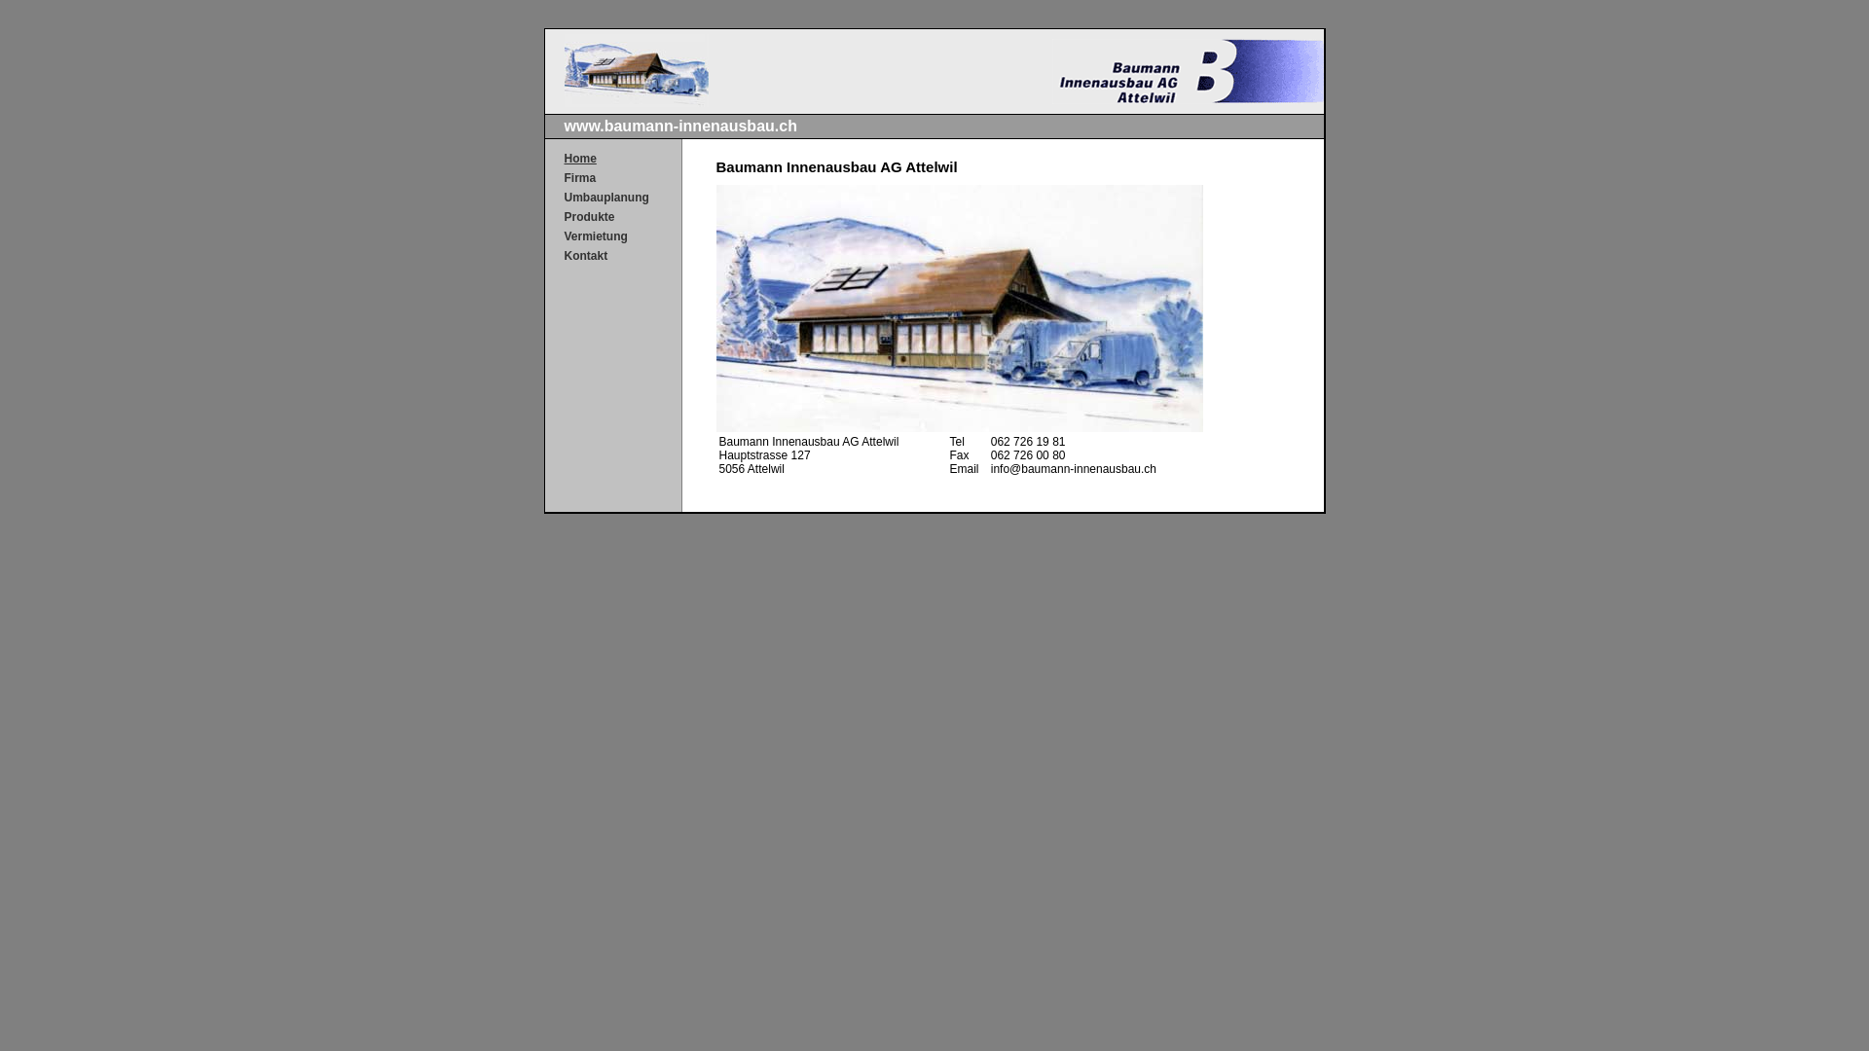 The width and height of the screenshot is (1869, 1051). What do you see at coordinates (601, 198) in the screenshot?
I see `'Umbauplanung'` at bounding box center [601, 198].